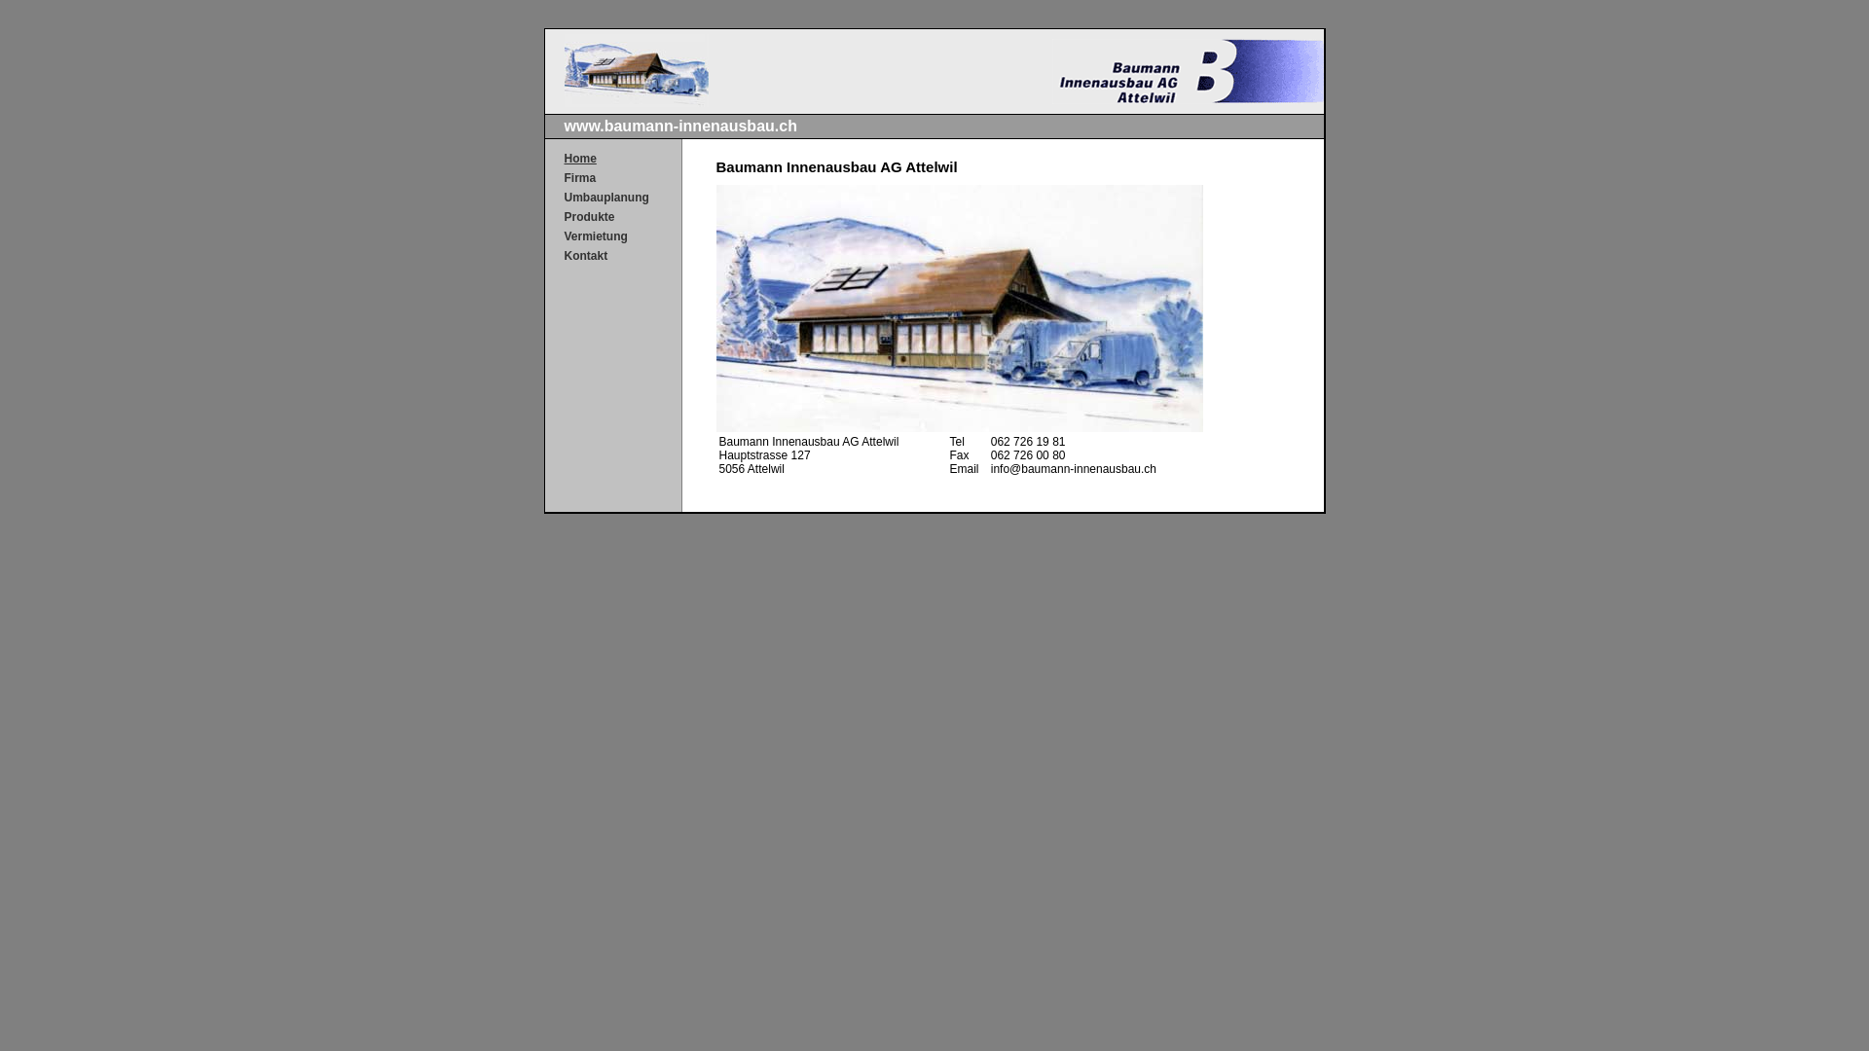 The width and height of the screenshot is (1869, 1051). What do you see at coordinates (601, 198) in the screenshot?
I see `'Umbauplanung'` at bounding box center [601, 198].